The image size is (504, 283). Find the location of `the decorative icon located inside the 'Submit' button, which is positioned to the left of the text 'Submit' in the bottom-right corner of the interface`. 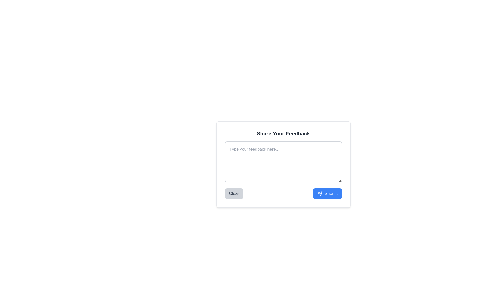

the decorative icon located inside the 'Submit' button, which is positioned to the left of the text 'Submit' in the bottom-right corner of the interface is located at coordinates (319, 194).